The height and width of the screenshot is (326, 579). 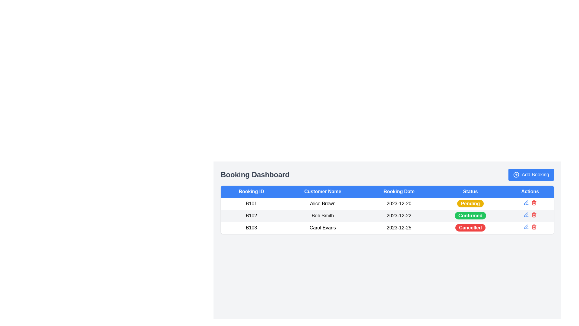 What do you see at coordinates (530, 192) in the screenshot?
I see `the rightmost column header in the table, which categorizes actions such as edit and delete` at bounding box center [530, 192].